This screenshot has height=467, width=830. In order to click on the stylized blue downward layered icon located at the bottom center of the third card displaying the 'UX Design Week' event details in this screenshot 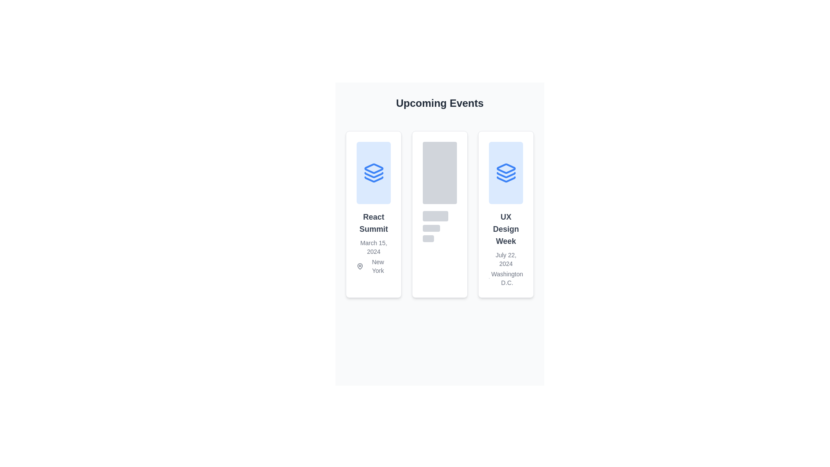, I will do `click(506, 179)`.